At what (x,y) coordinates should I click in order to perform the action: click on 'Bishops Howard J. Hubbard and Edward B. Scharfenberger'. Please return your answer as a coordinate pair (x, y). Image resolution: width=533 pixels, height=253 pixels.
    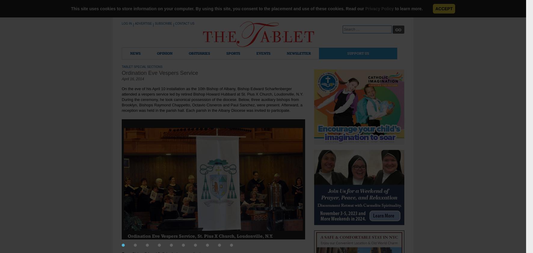
    Looking at the image, I should click on (375, 240).